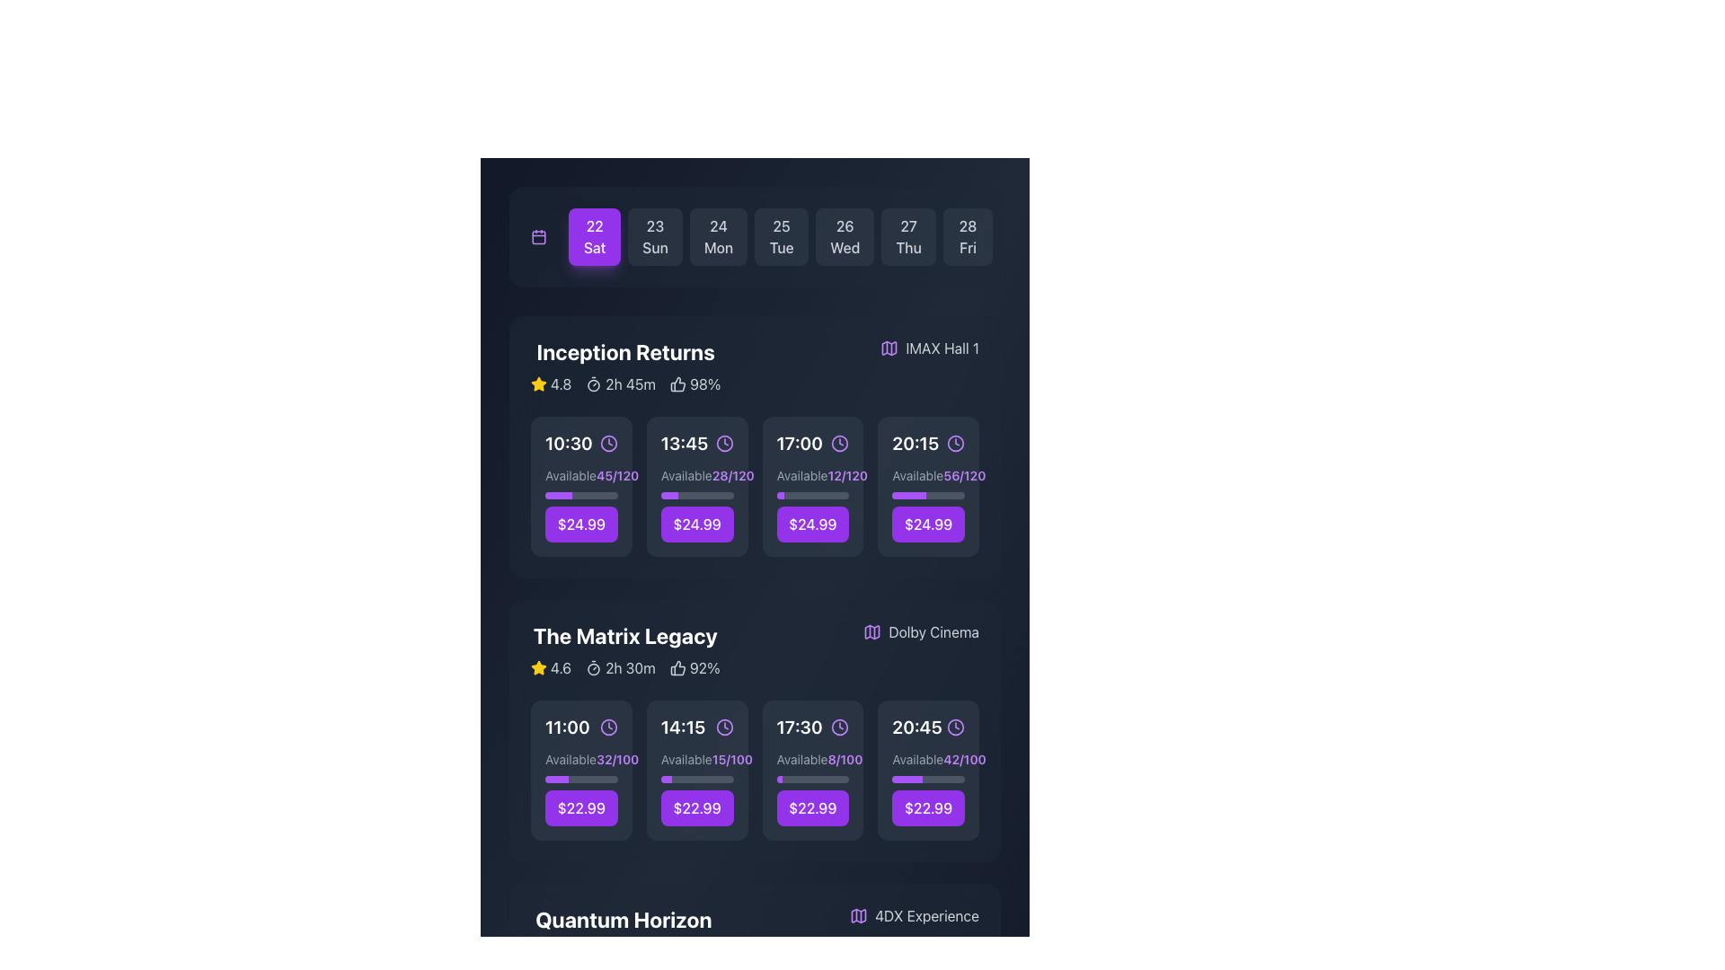 Image resolution: width=1725 pixels, height=970 pixels. What do you see at coordinates (844, 235) in the screenshot?
I see `the button representing the selectable date in the calendar interface` at bounding box center [844, 235].